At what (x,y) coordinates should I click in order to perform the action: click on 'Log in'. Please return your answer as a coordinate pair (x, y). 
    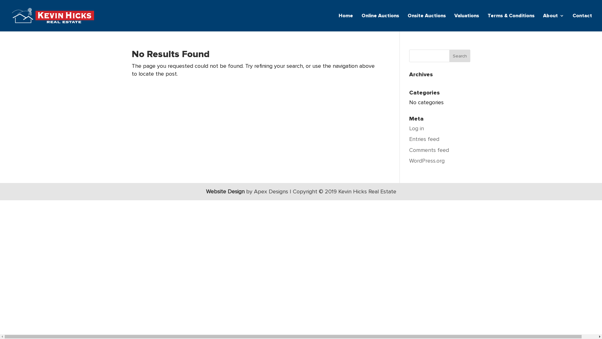
    Looking at the image, I should click on (409, 128).